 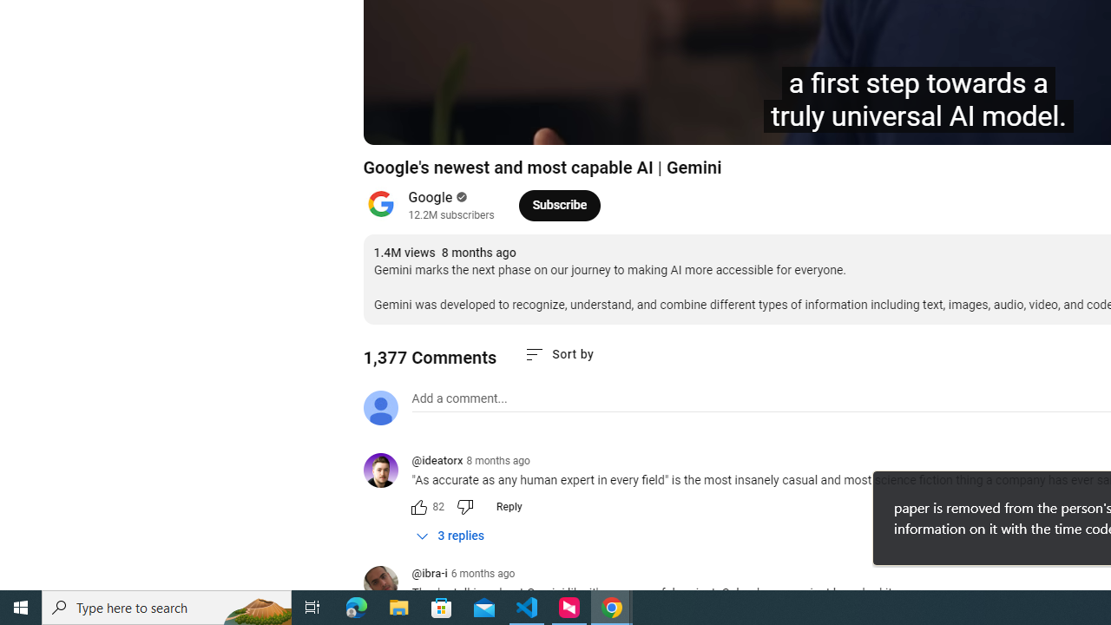 What do you see at coordinates (386, 584) in the screenshot?
I see `'@ibra-i'` at bounding box center [386, 584].